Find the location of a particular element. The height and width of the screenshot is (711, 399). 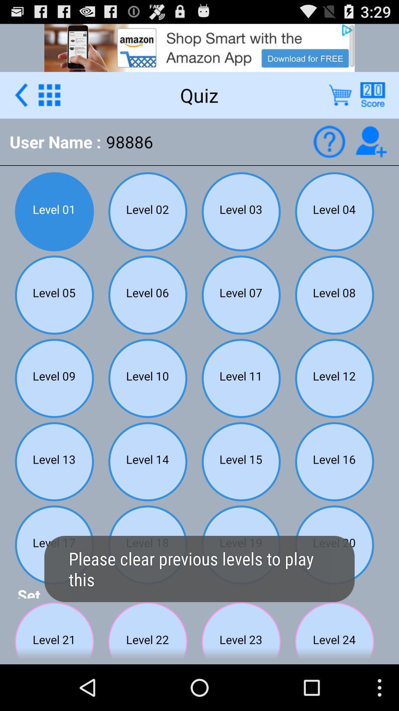

the dialpad icon is located at coordinates (49, 101).